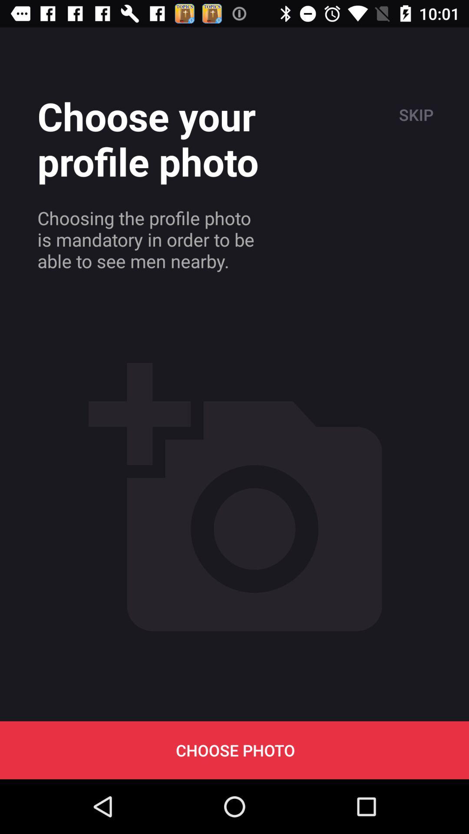  I want to click on the item at the top right corner, so click(415, 114).